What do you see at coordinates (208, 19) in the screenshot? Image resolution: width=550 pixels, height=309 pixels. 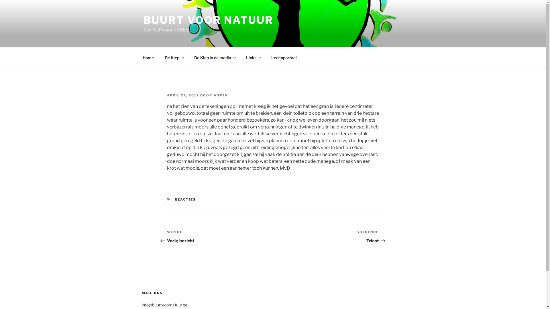 I see `'BUURT VOOR NATUUR'` at bounding box center [208, 19].